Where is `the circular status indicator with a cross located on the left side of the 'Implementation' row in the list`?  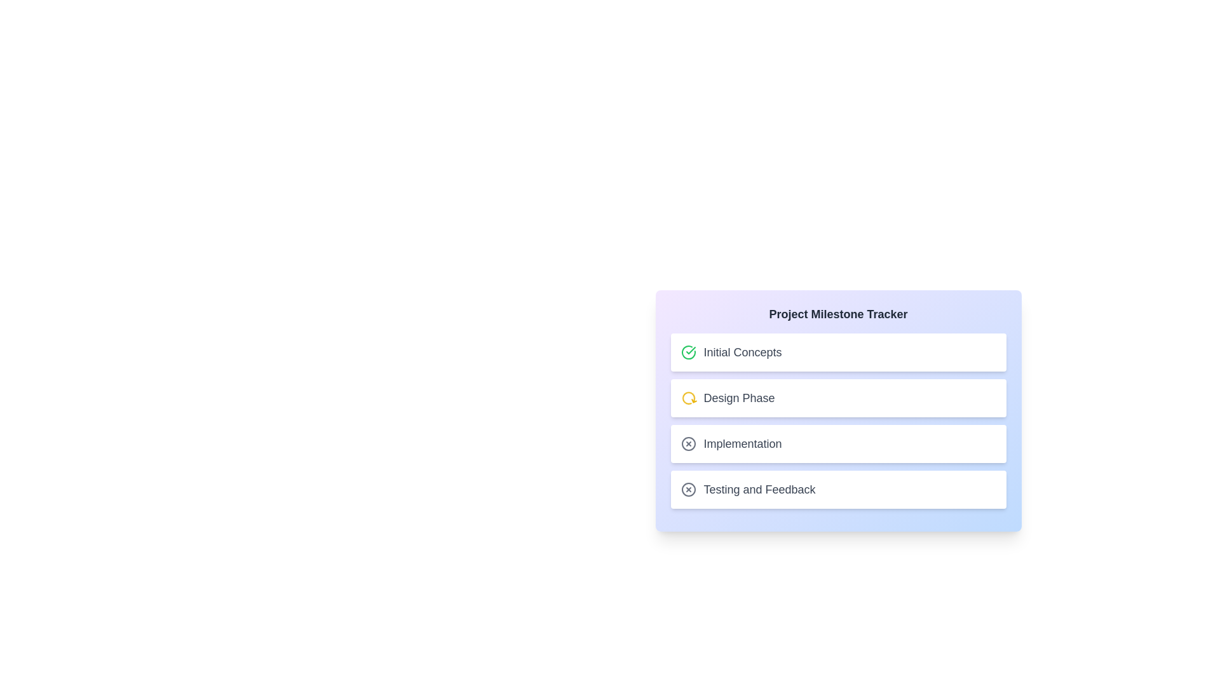 the circular status indicator with a cross located on the left side of the 'Implementation' row in the list is located at coordinates (688, 443).